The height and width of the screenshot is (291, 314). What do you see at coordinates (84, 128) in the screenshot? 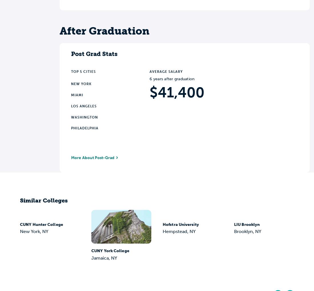
I see `'Philadelphia'` at bounding box center [84, 128].